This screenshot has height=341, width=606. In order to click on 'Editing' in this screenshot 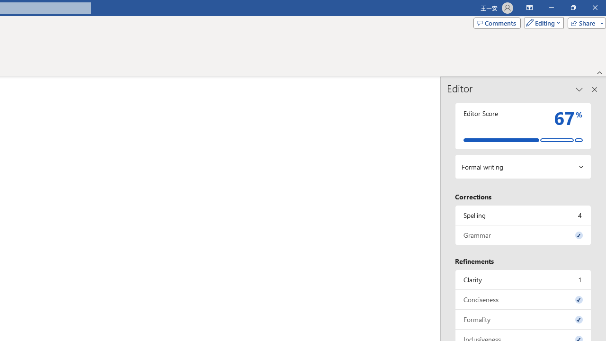, I will do `click(542, 22)`.